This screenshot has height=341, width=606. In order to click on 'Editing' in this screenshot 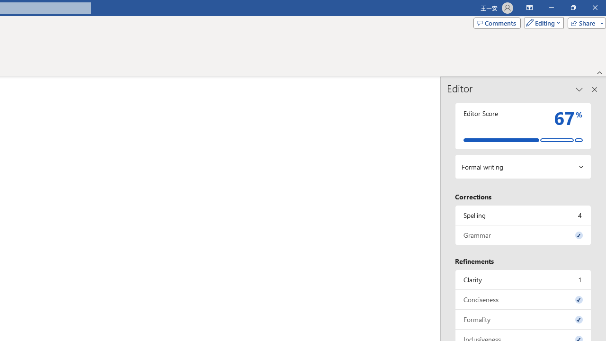, I will do `click(542, 22)`.